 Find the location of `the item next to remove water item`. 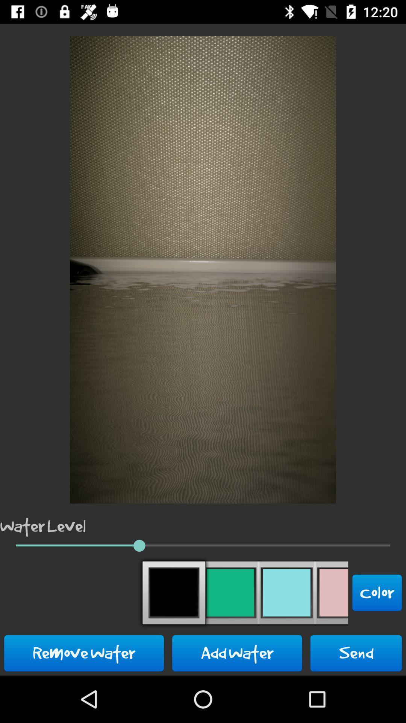

the item next to remove water item is located at coordinates (237, 653).